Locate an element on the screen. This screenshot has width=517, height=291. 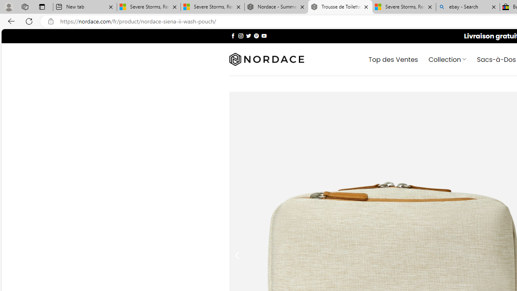
'  Top des Ventes' is located at coordinates (393, 59).